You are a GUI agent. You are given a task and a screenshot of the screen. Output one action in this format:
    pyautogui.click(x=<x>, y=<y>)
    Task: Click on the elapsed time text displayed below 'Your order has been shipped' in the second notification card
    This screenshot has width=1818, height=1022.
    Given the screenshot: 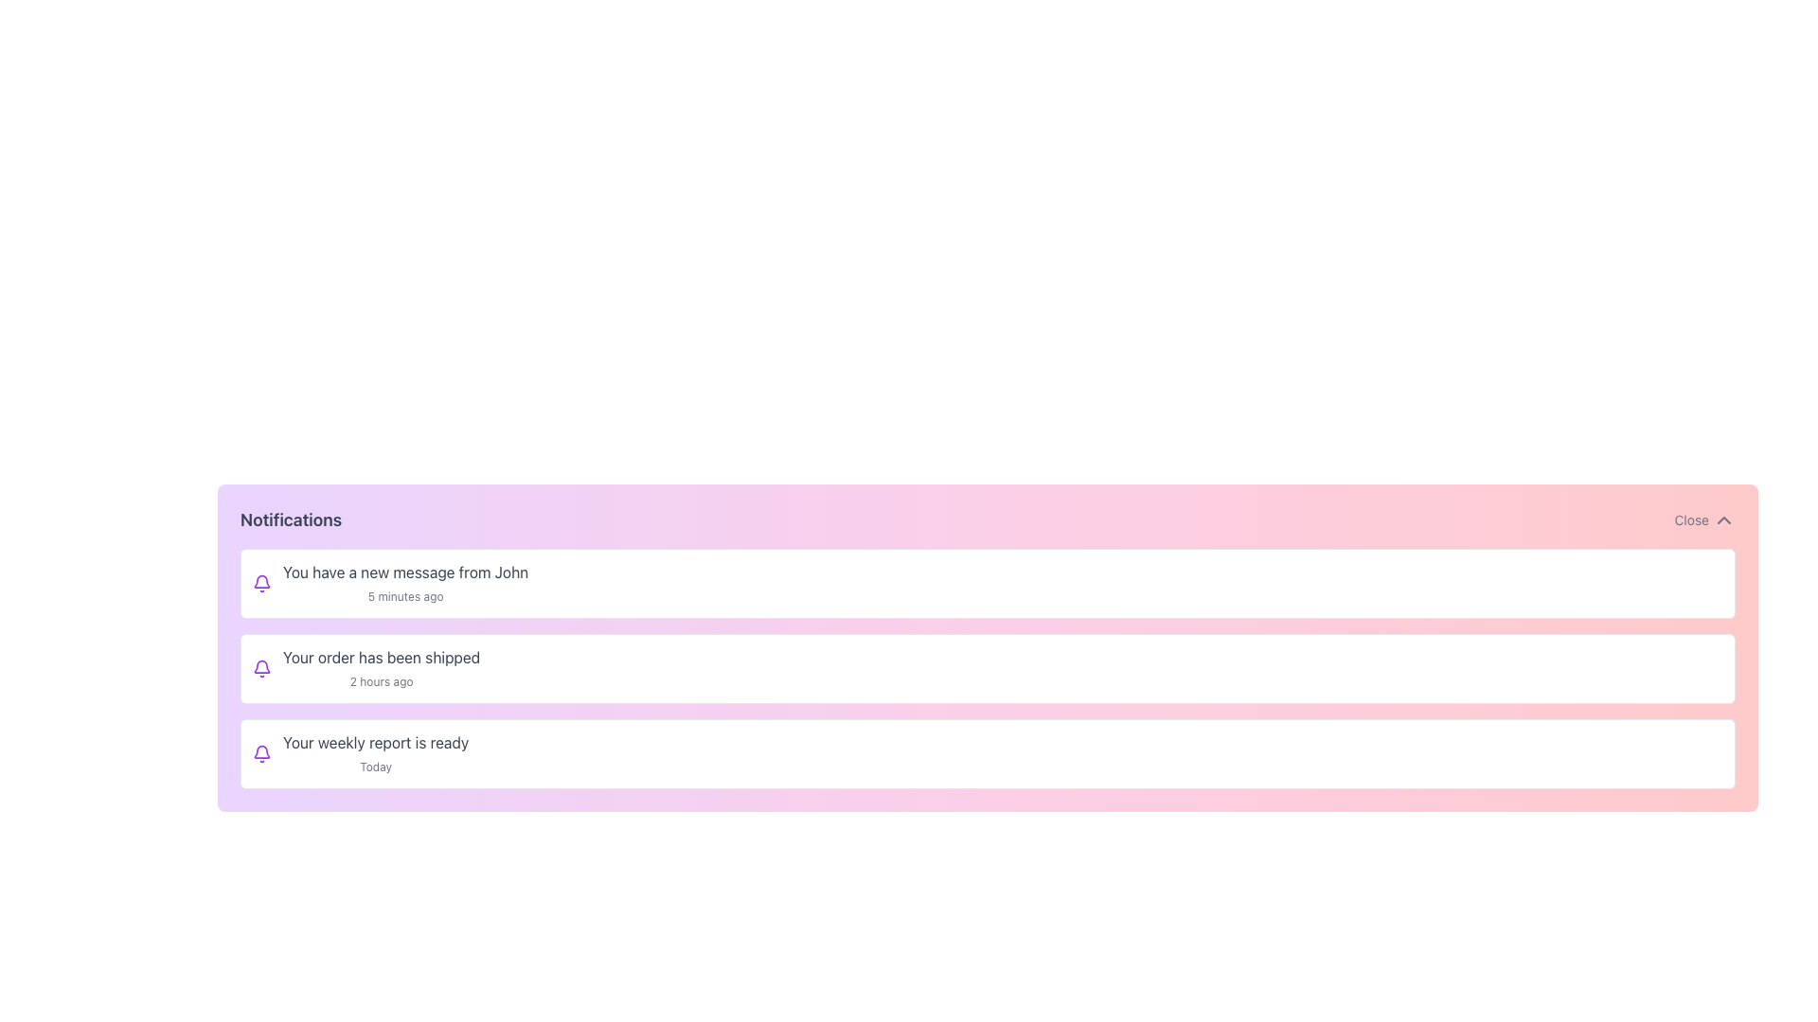 What is the action you would take?
    pyautogui.click(x=381, y=681)
    